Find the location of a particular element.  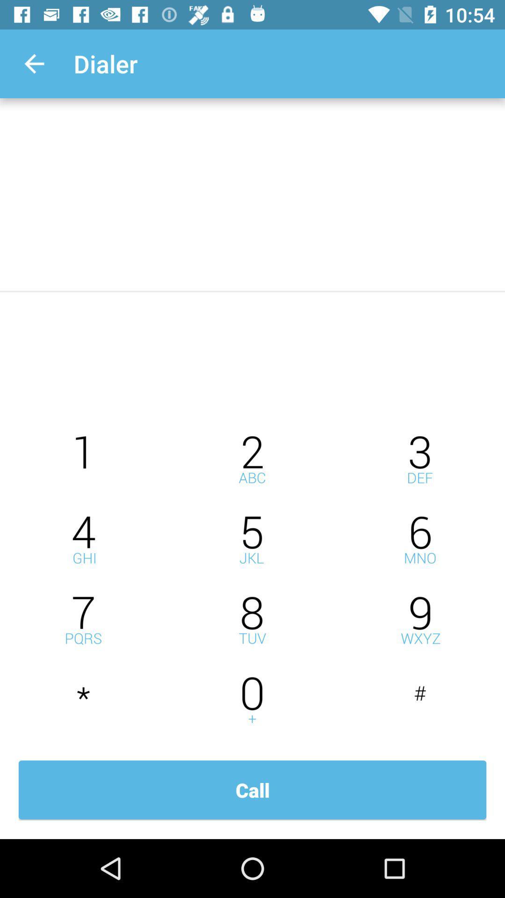

the avatar icon is located at coordinates (252, 620).